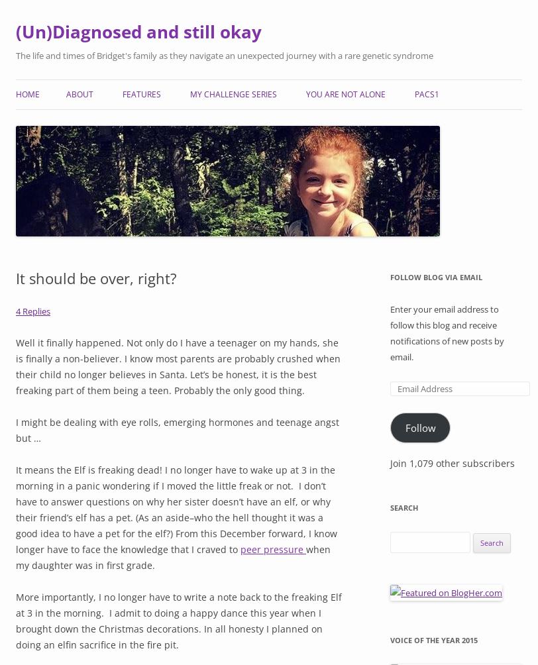  I want to click on 'It should be over, right?', so click(16, 277).